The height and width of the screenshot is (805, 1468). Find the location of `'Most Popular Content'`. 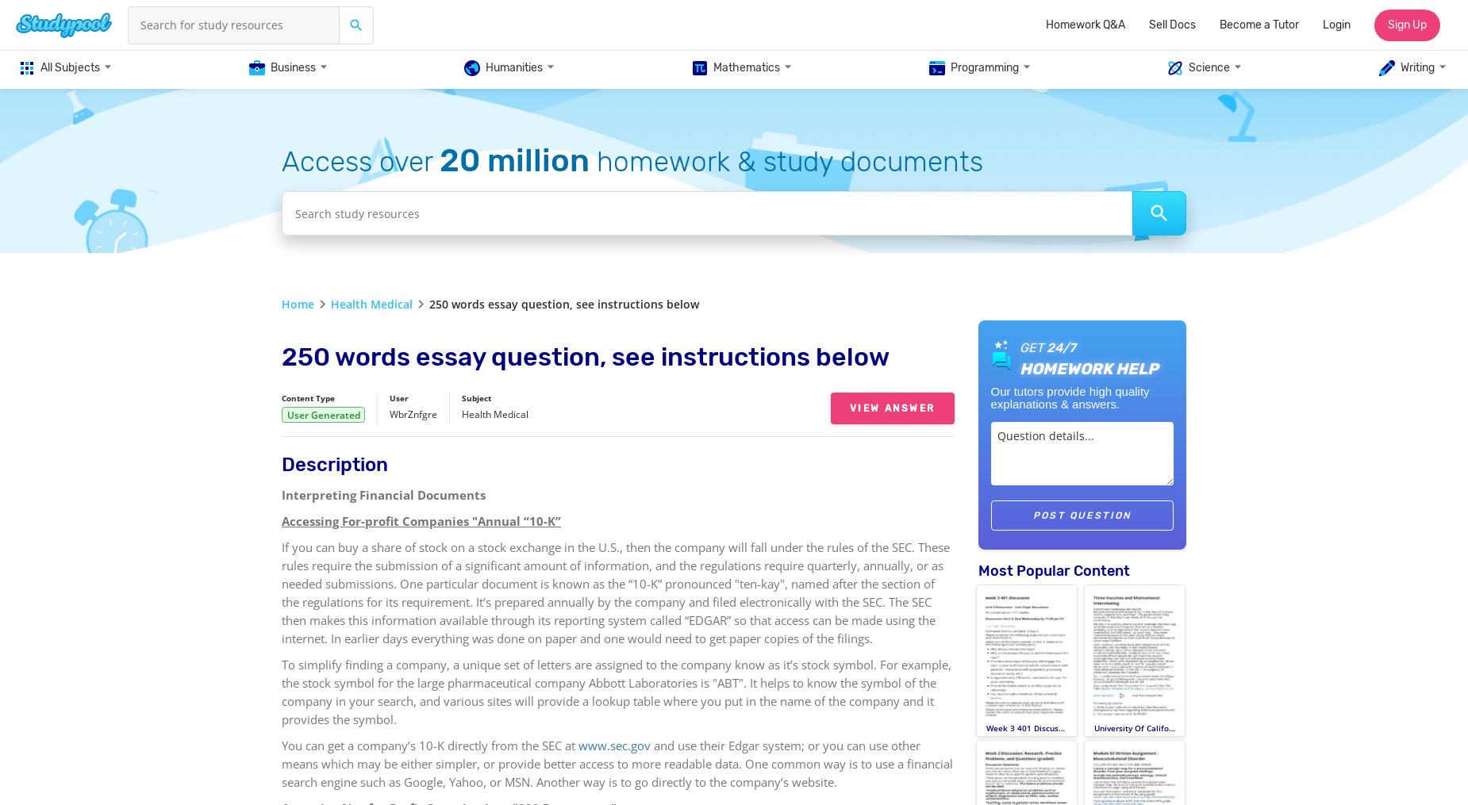

'Most Popular Content' is located at coordinates (1052, 570).